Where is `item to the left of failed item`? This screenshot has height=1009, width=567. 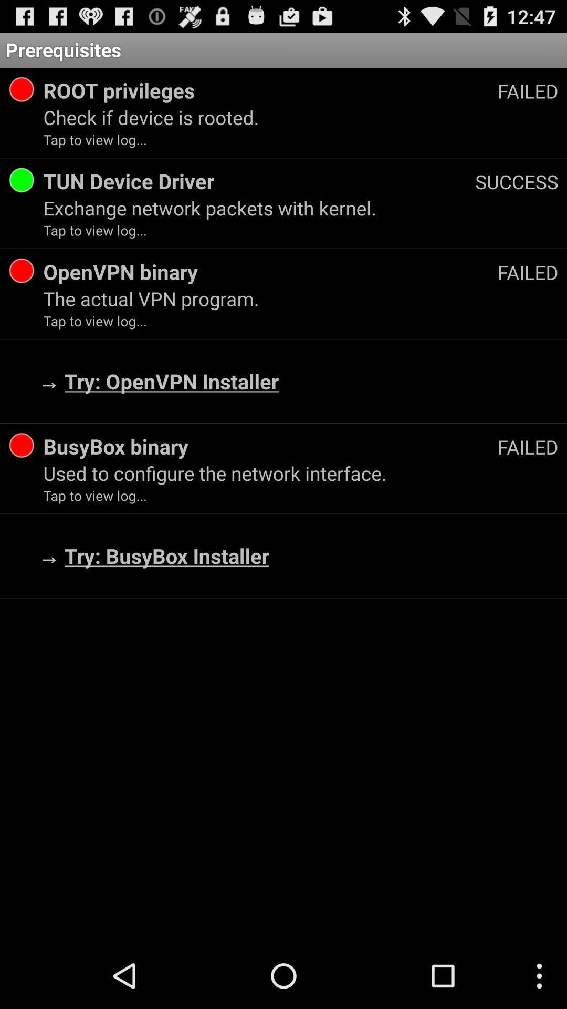
item to the left of failed item is located at coordinates (270, 446).